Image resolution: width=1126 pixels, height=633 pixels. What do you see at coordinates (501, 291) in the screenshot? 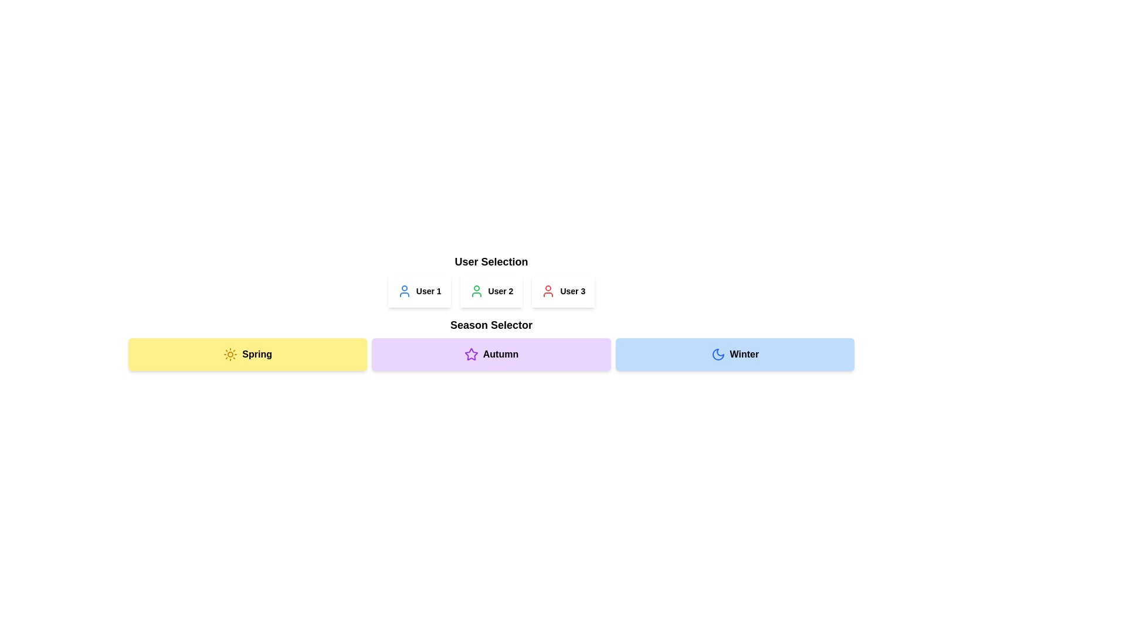
I see `the text label displaying 'User 2', which is styled in a small bold font and located in the 'User Selection' section, adjacent to a green user profile icon` at bounding box center [501, 291].